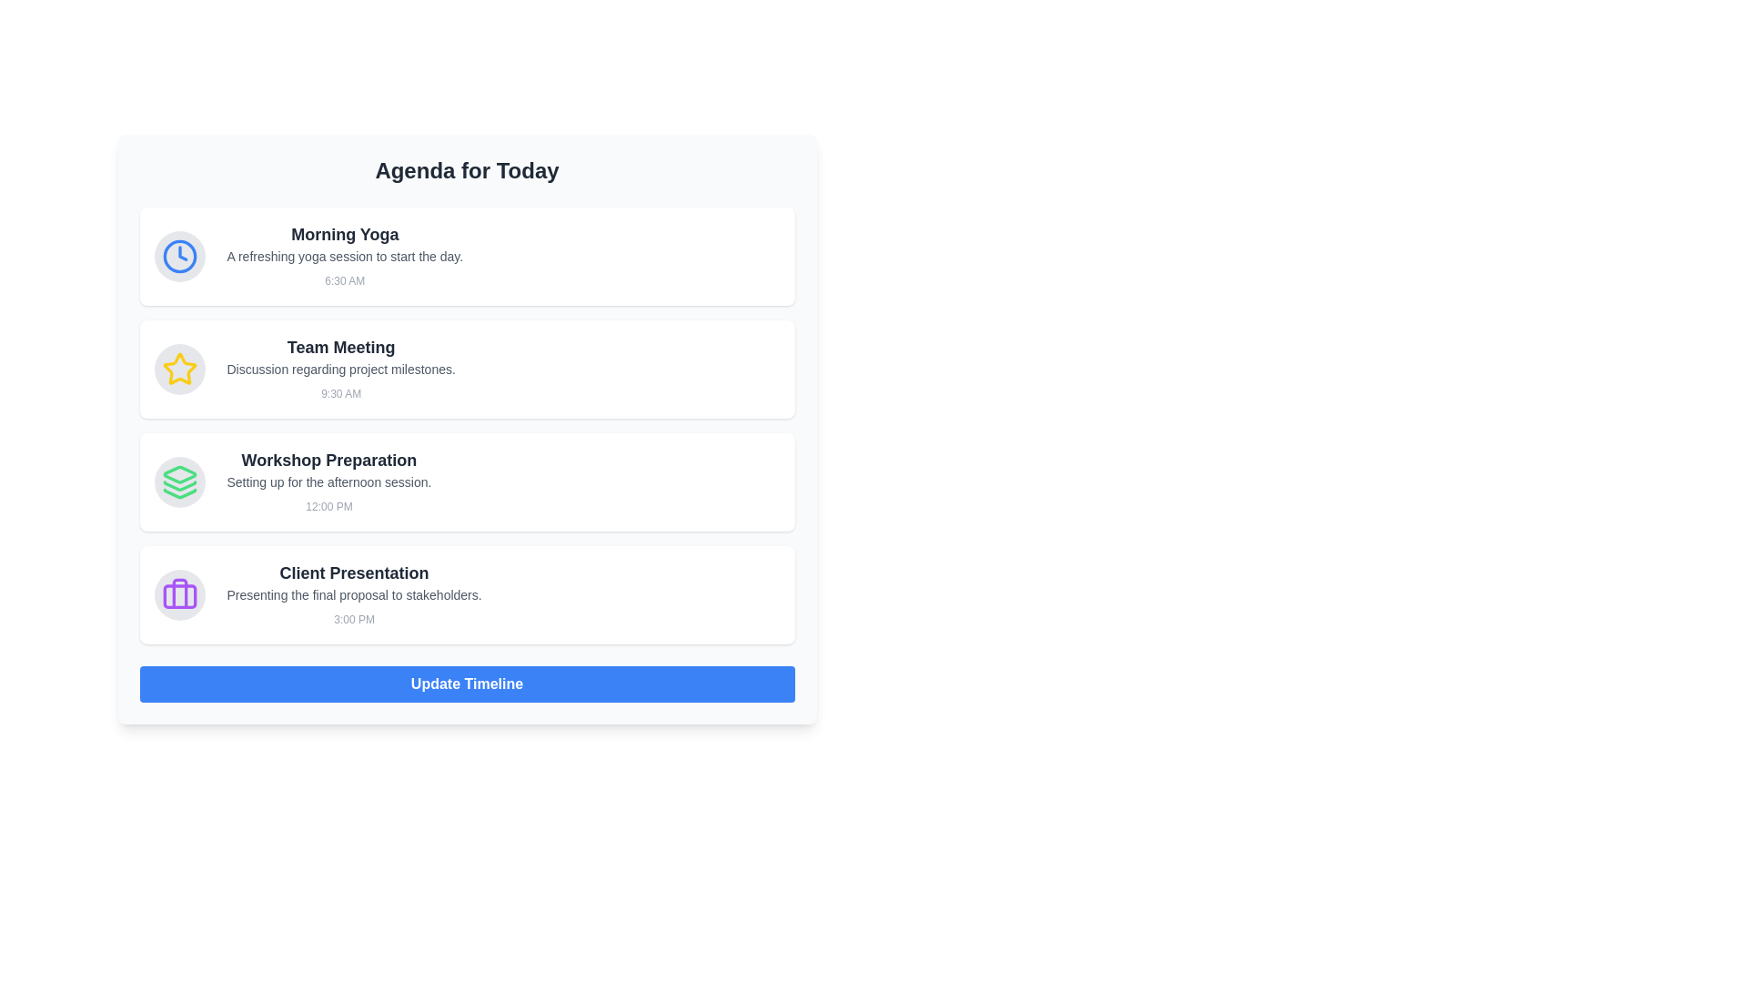 The width and height of the screenshot is (1747, 983). What do you see at coordinates (467, 684) in the screenshot?
I see `the button located at the bottom of the 'Agenda for Today' card to observe its hover effects` at bounding box center [467, 684].